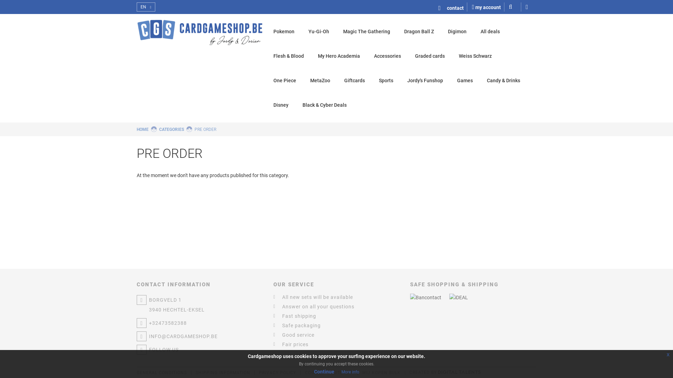  What do you see at coordinates (419, 31) in the screenshot?
I see `'Dragon Ball Z'` at bounding box center [419, 31].